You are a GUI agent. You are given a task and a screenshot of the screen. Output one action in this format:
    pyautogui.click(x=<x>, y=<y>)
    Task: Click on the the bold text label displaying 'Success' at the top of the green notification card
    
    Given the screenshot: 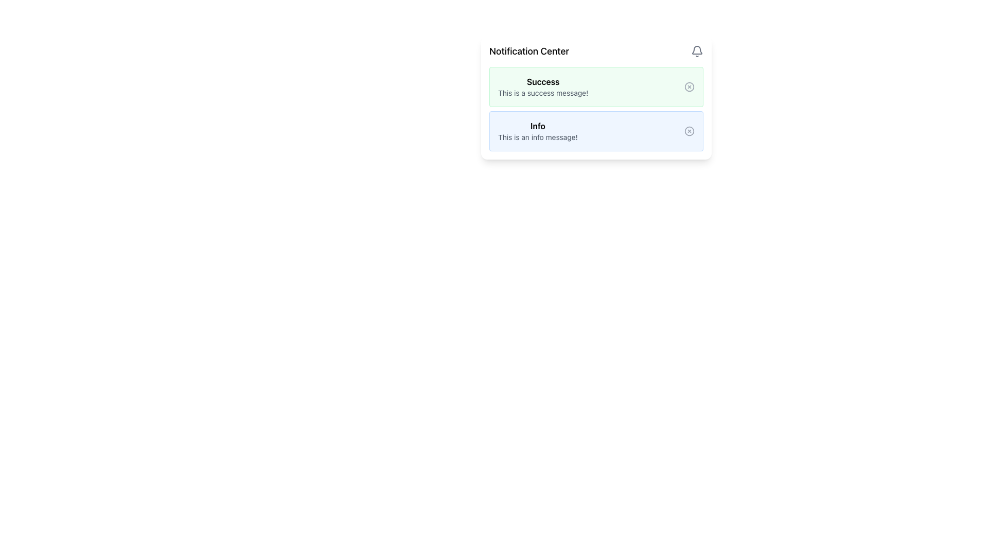 What is the action you would take?
    pyautogui.click(x=542, y=81)
    